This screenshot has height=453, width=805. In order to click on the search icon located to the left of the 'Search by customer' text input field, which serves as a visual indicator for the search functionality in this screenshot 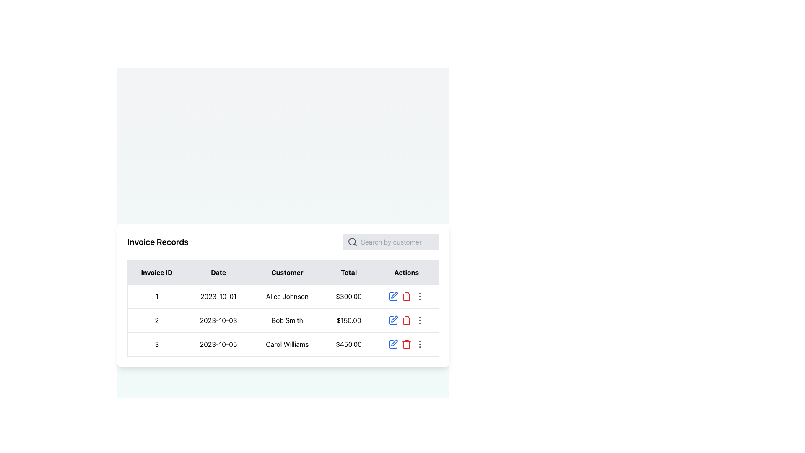, I will do `click(352, 242)`.